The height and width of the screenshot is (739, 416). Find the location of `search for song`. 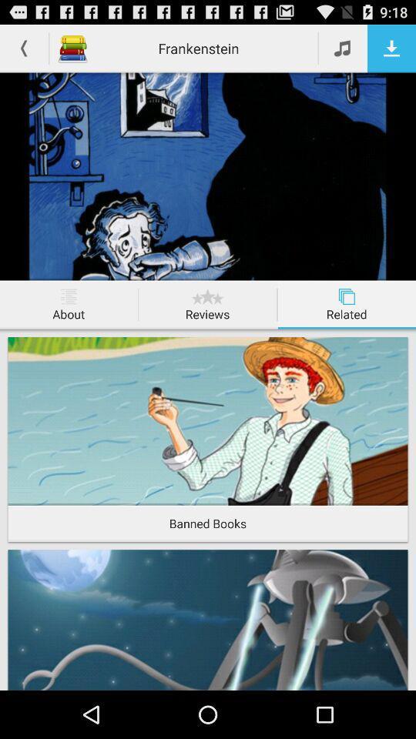

search for song is located at coordinates (343, 48).